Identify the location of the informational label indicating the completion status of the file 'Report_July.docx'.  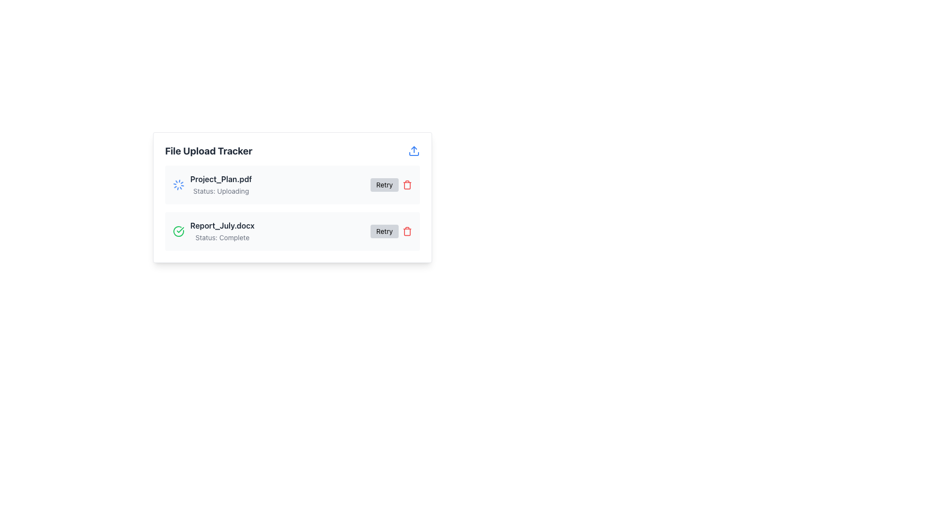
(222, 237).